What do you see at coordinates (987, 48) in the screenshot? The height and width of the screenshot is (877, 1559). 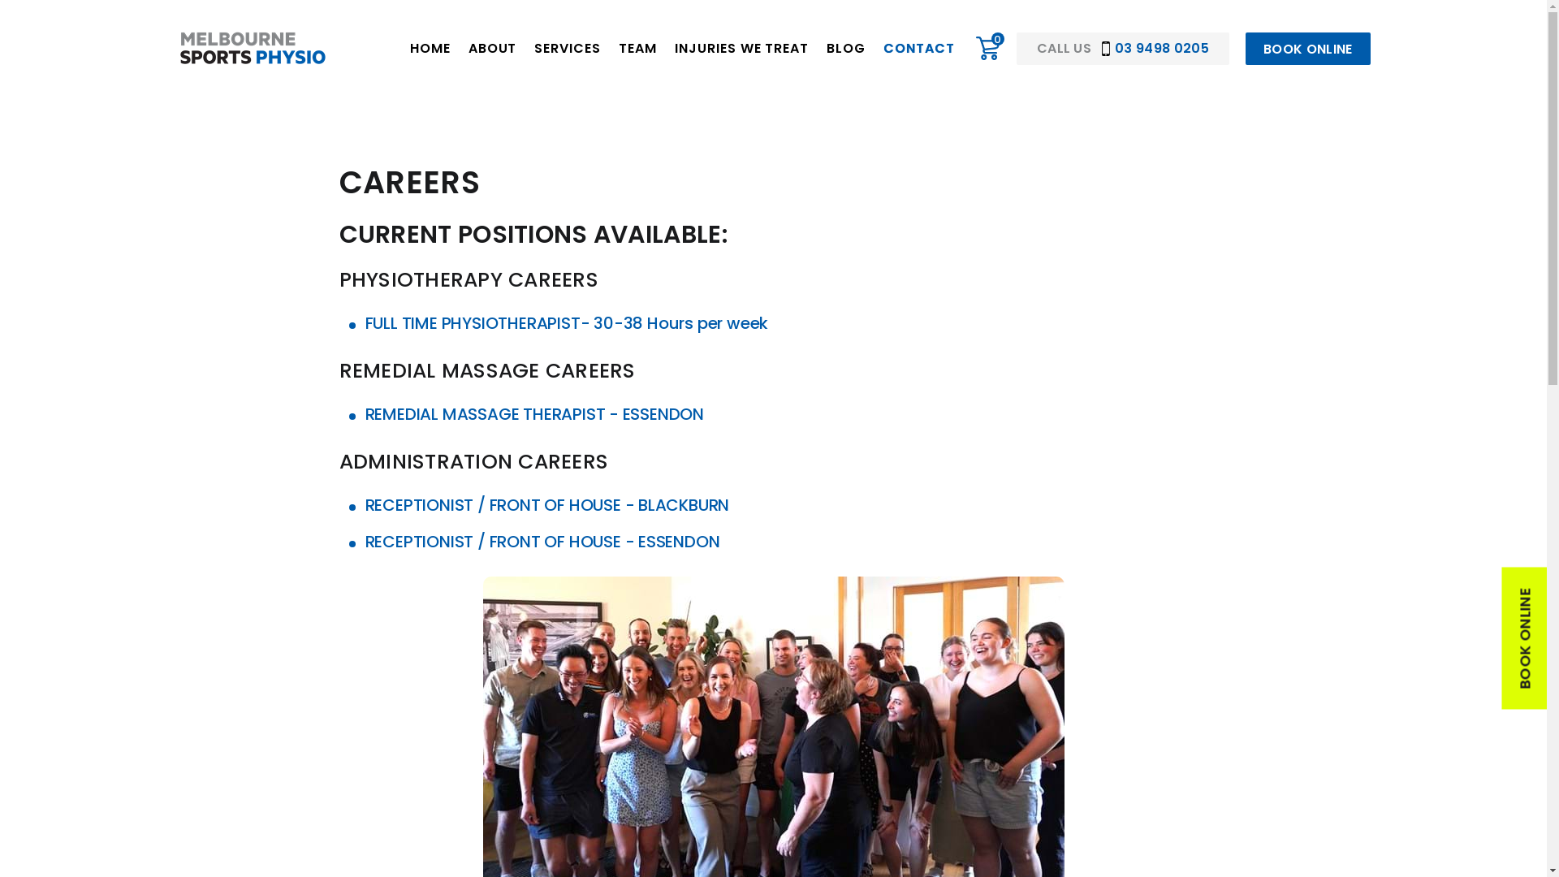 I see `'0'` at bounding box center [987, 48].